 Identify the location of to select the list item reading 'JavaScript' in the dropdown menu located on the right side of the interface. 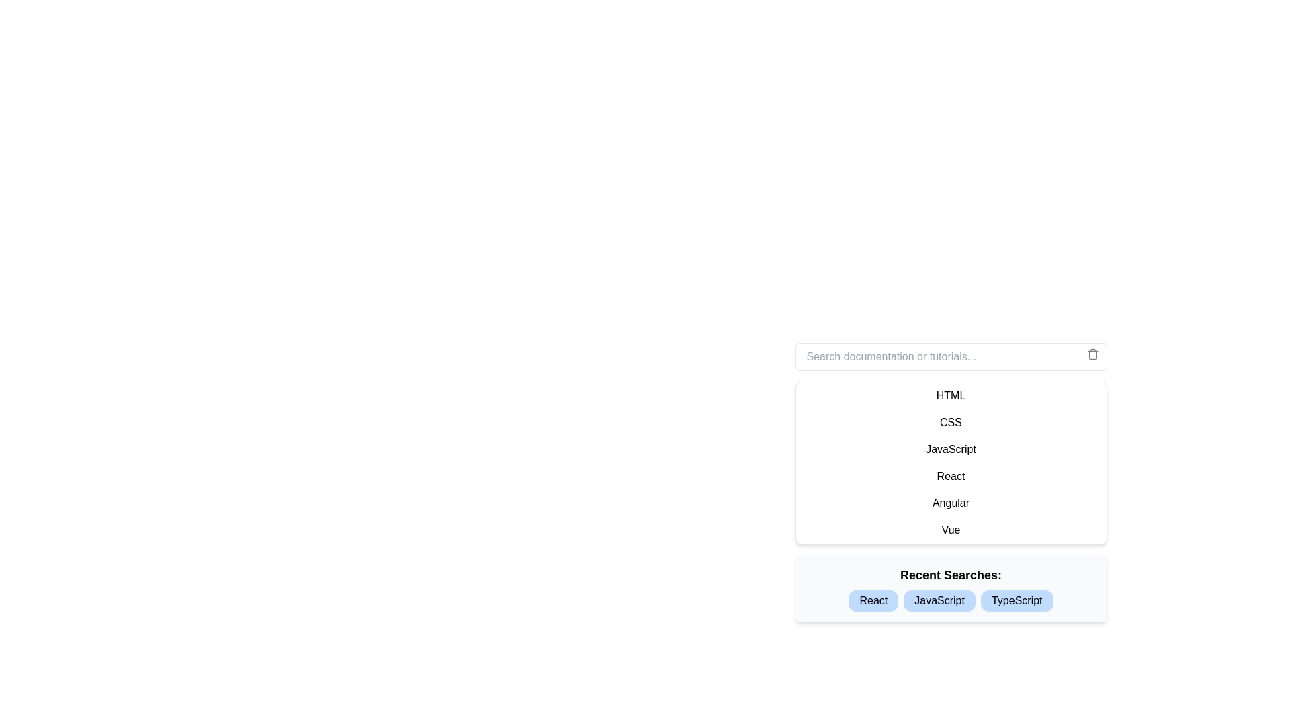
(950, 449).